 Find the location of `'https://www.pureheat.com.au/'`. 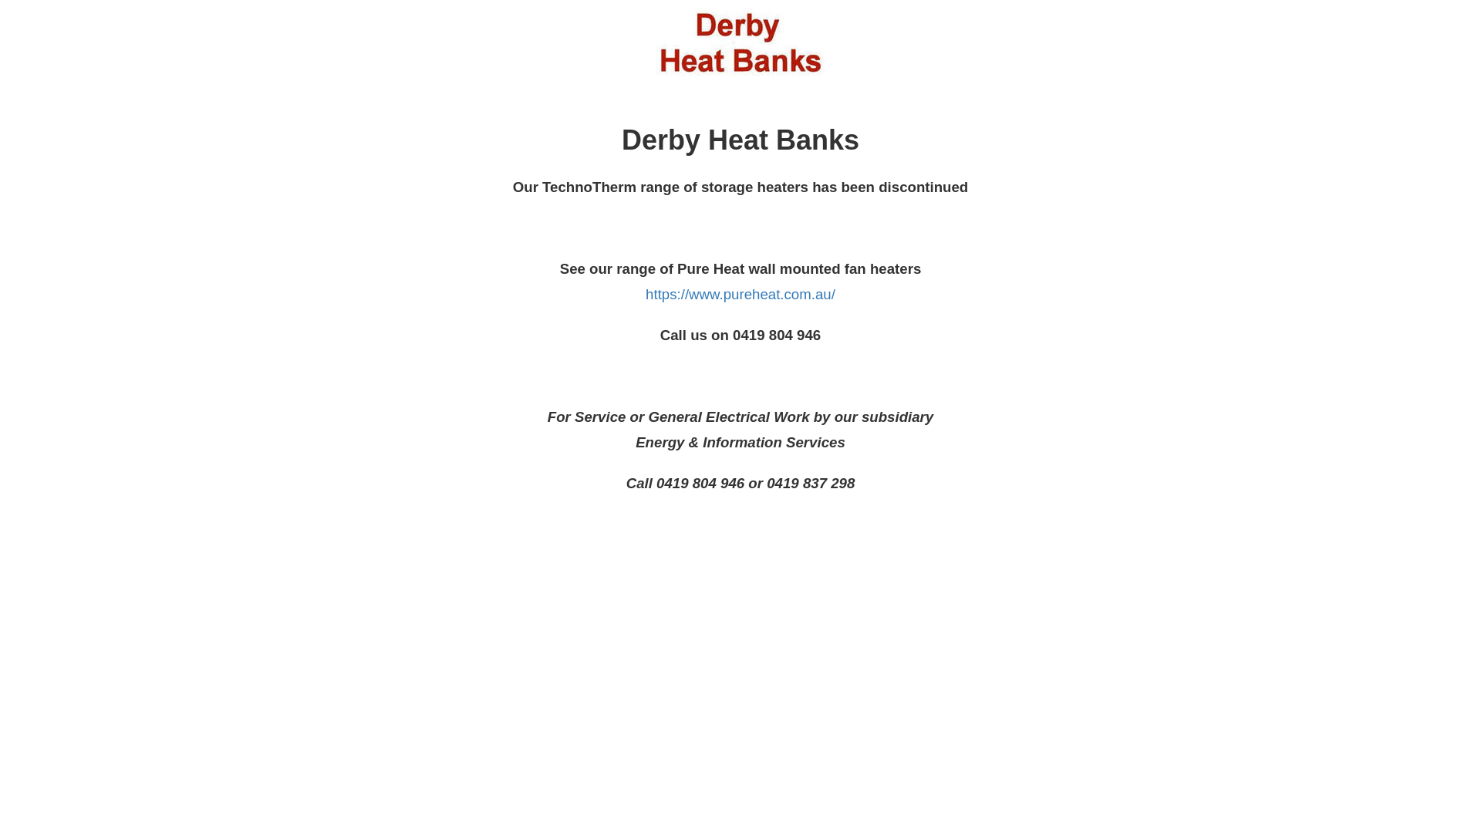

'https://www.pureheat.com.au/' is located at coordinates (740, 294).